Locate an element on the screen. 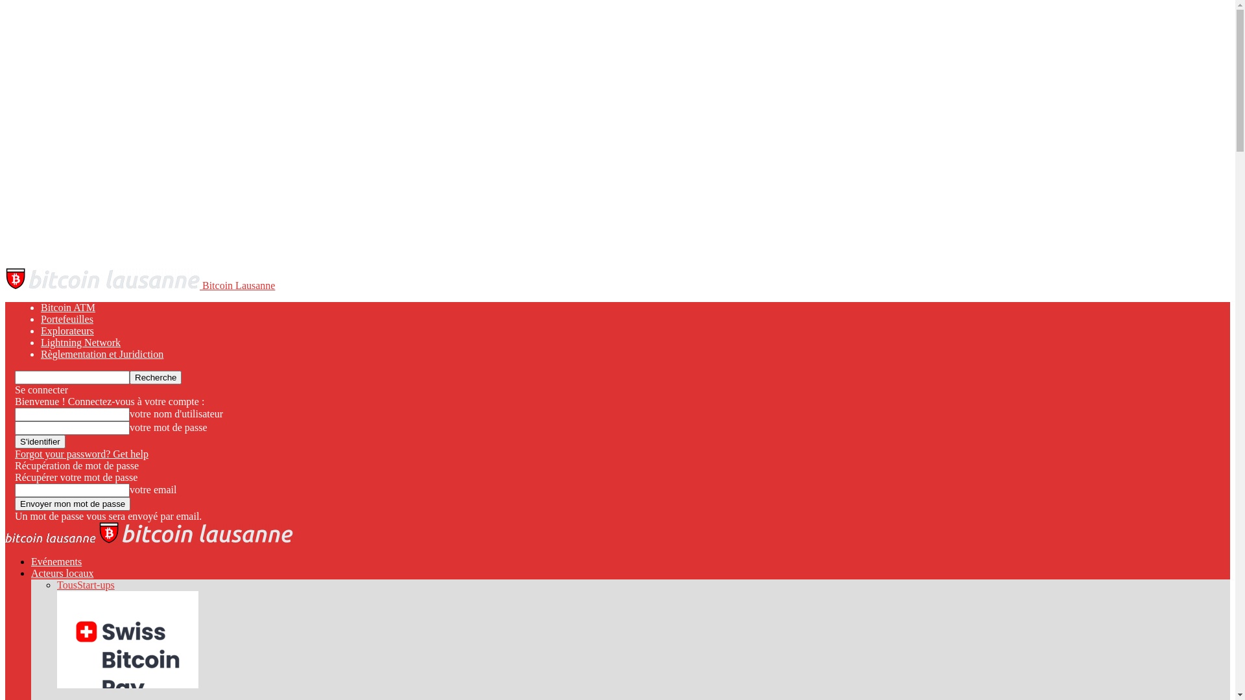 The width and height of the screenshot is (1245, 700). 'Bitcoin ATM' is located at coordinates (40, 307).